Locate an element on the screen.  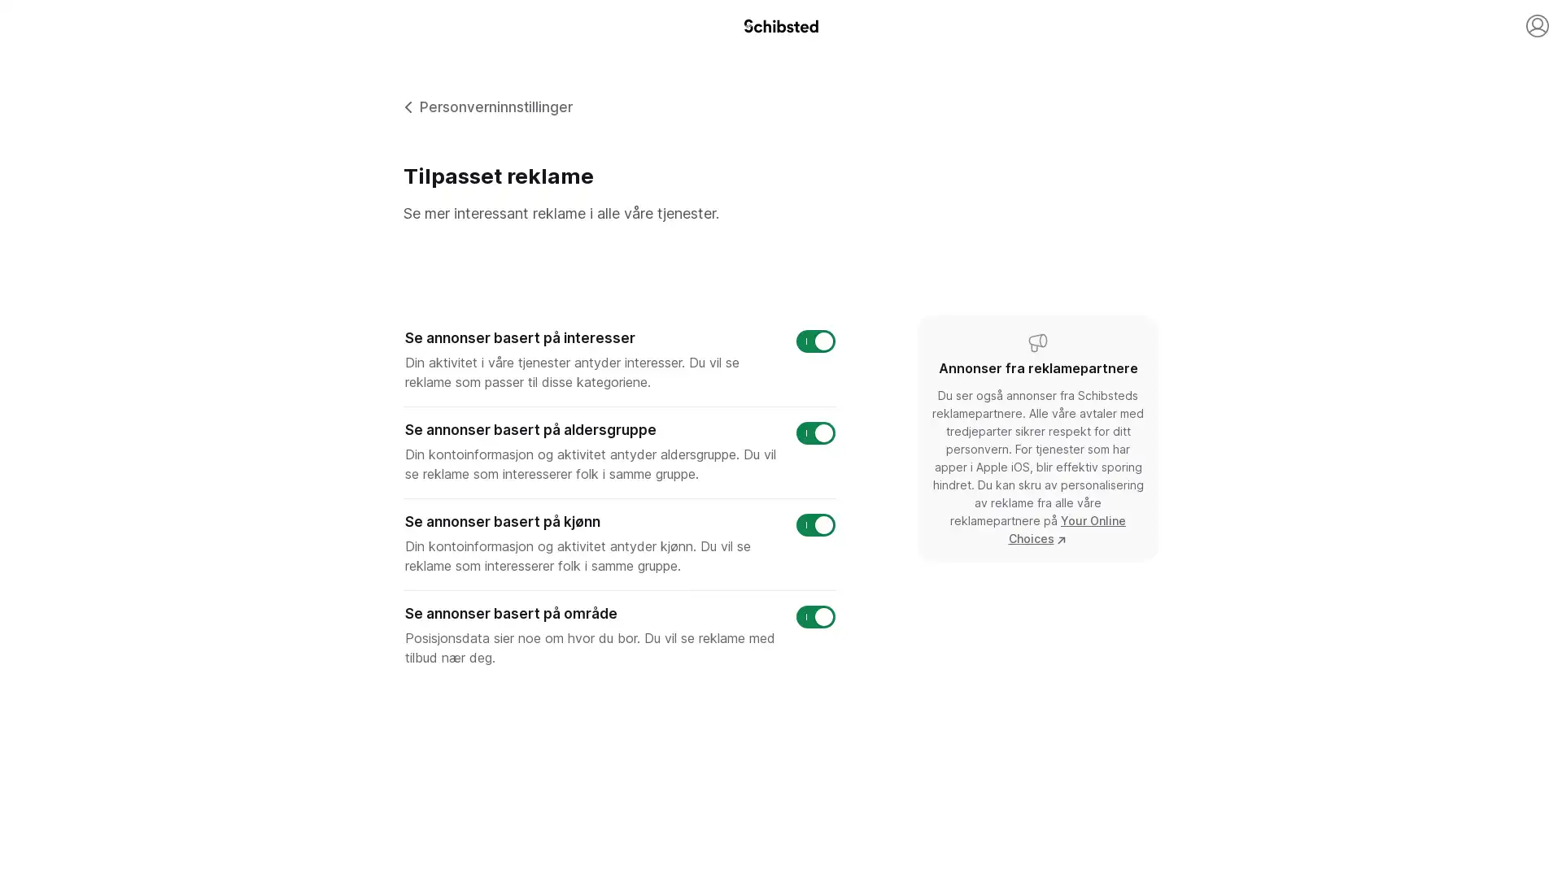
Personverninnstillinger is located at coordinates (495, 106).